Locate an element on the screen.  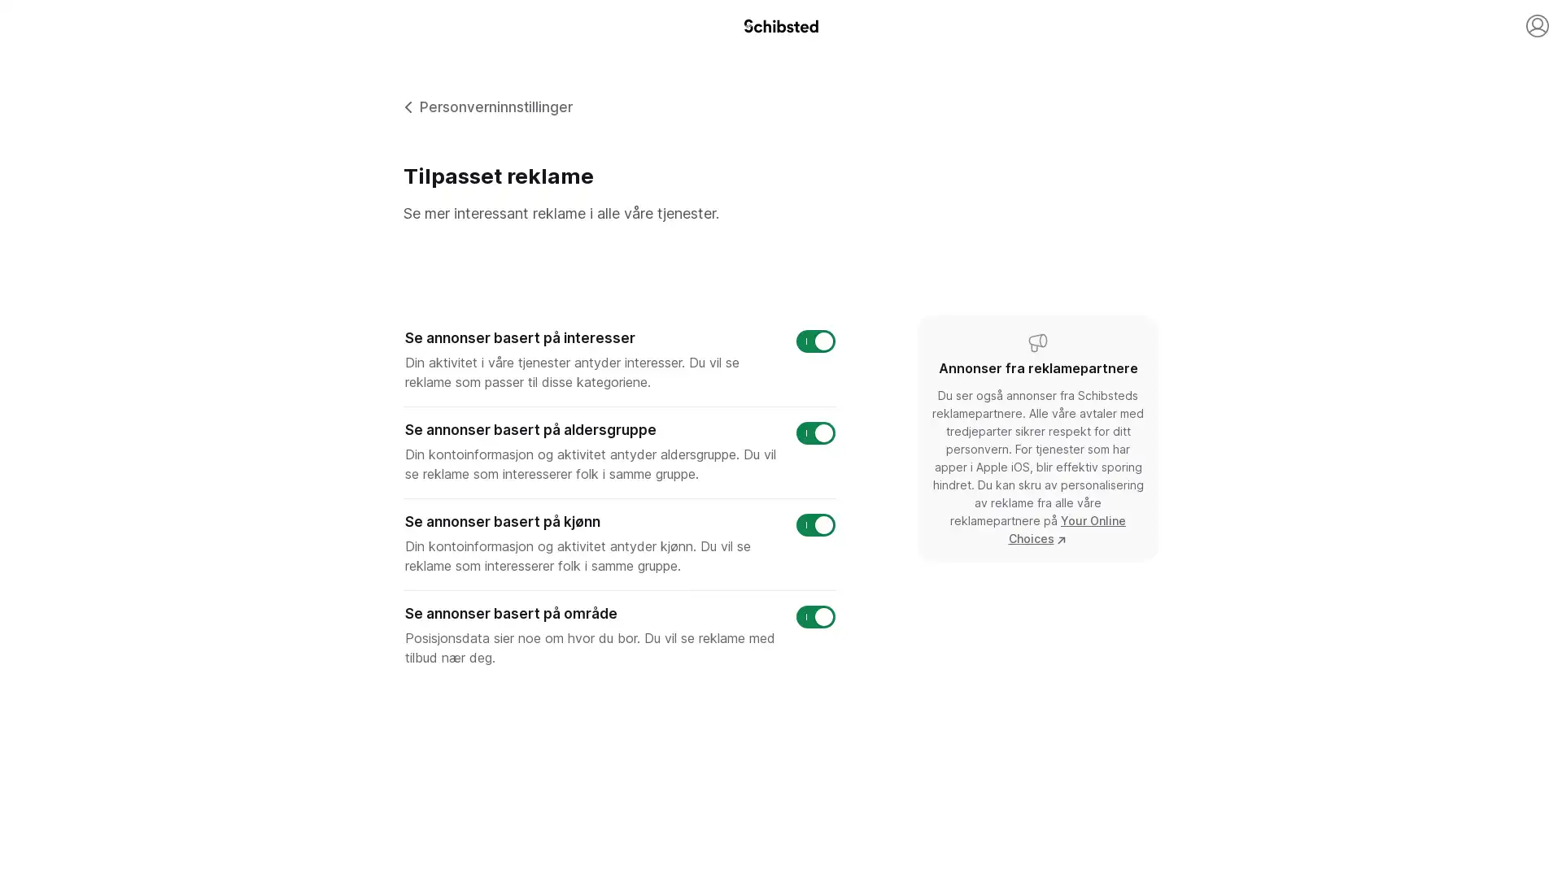
Personverninnstillinger is located at coordinates (495, 106).